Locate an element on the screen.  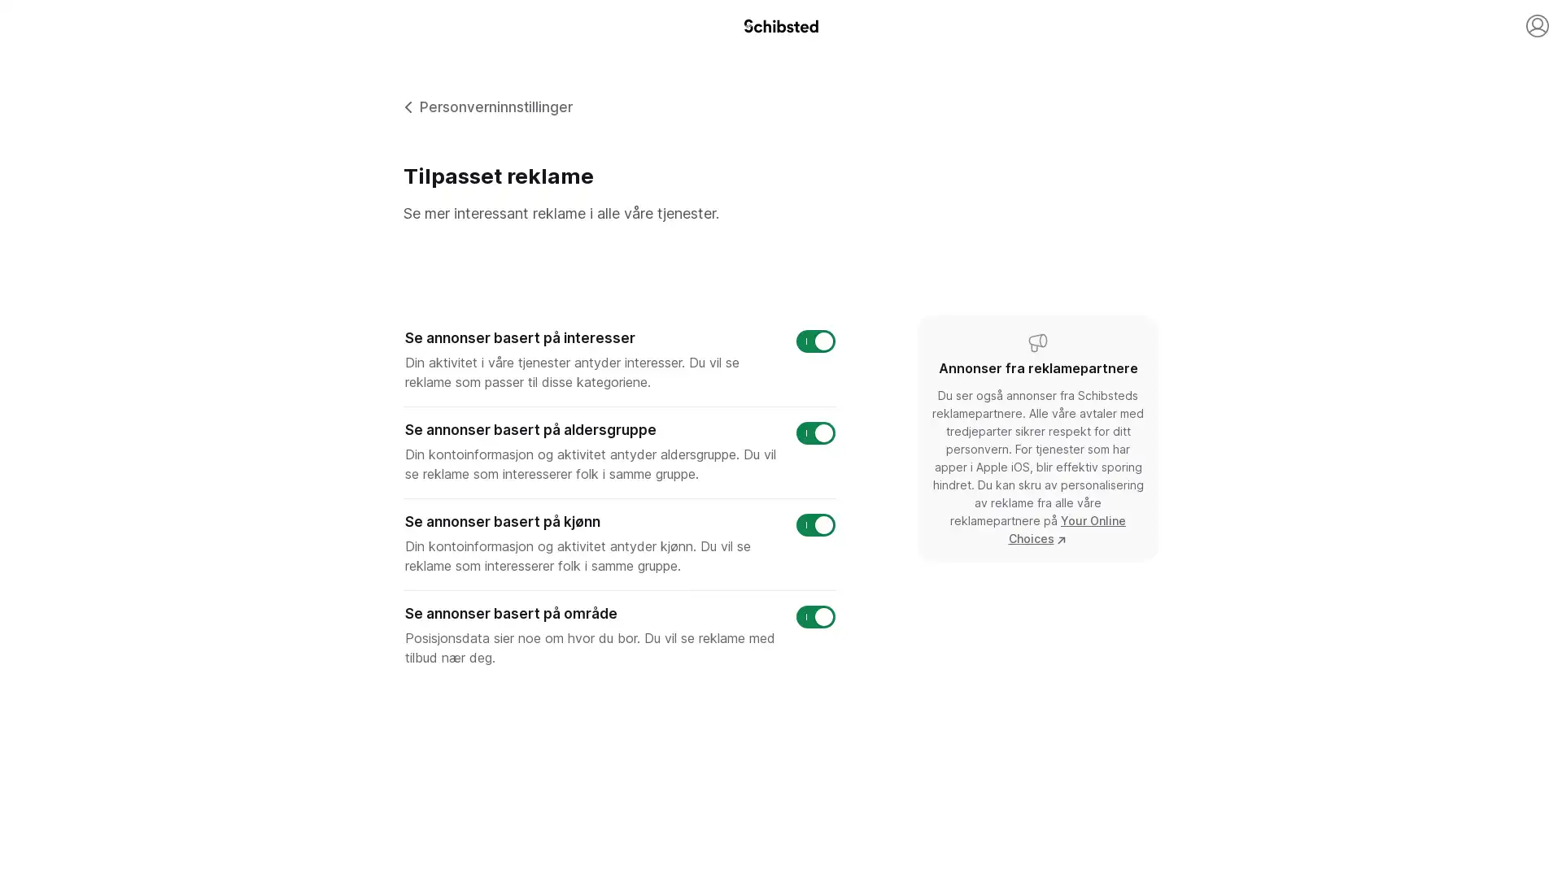
Personverninnstillinger is located at coordinates (495, 106).